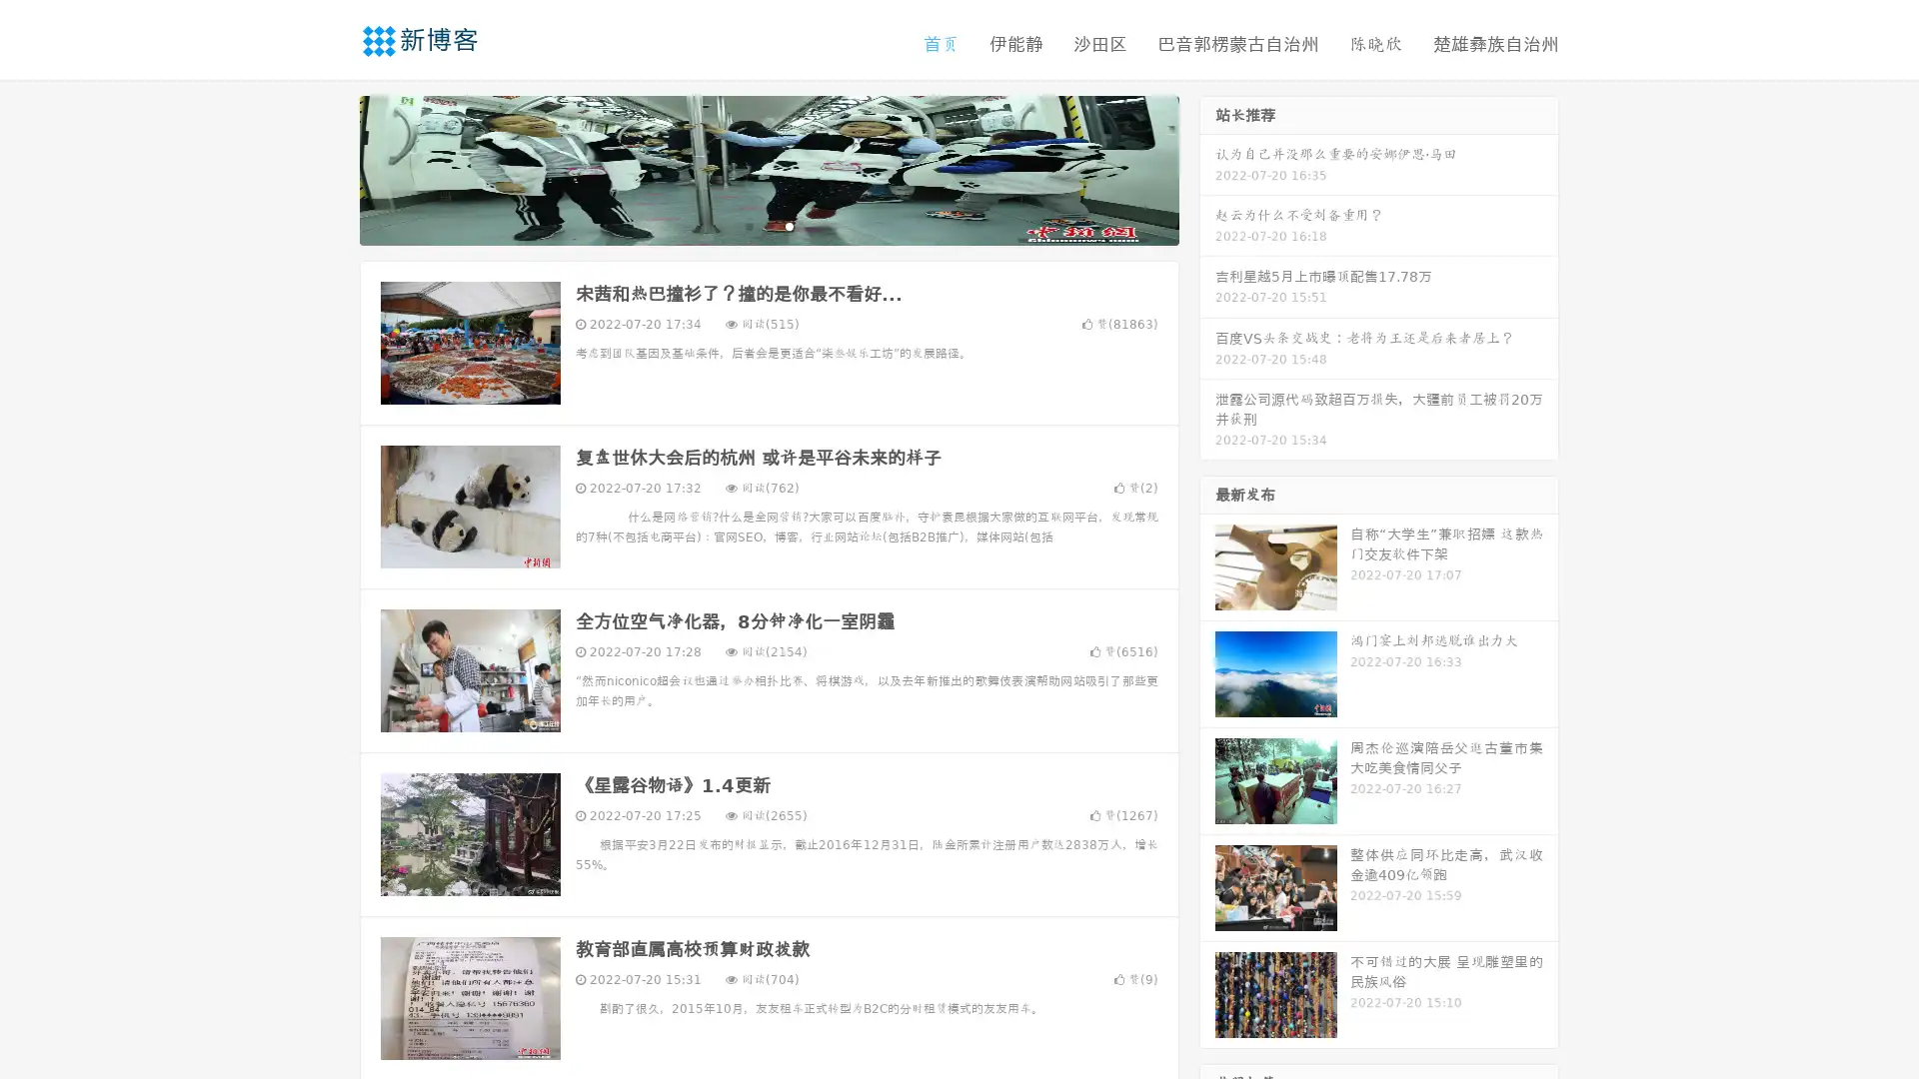 The width and height of the screenshot is (1919, 1079). Describe the element at coordinates (768, 225) in the screenshot. I see `Go to slide 2` at that location.